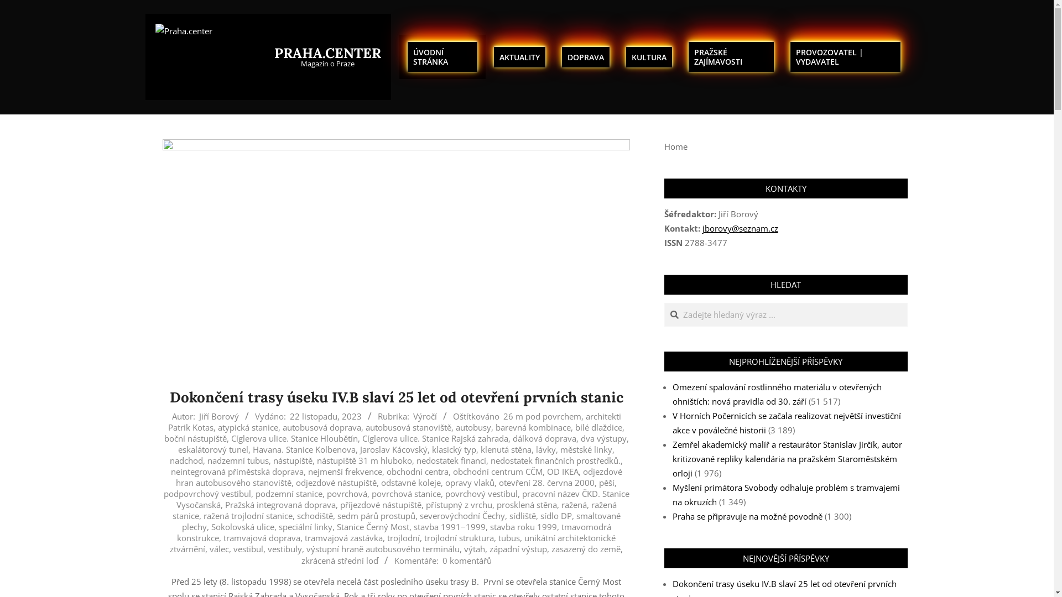  I want to click on 'jborovy@seznam.cz', so click(740, 227).